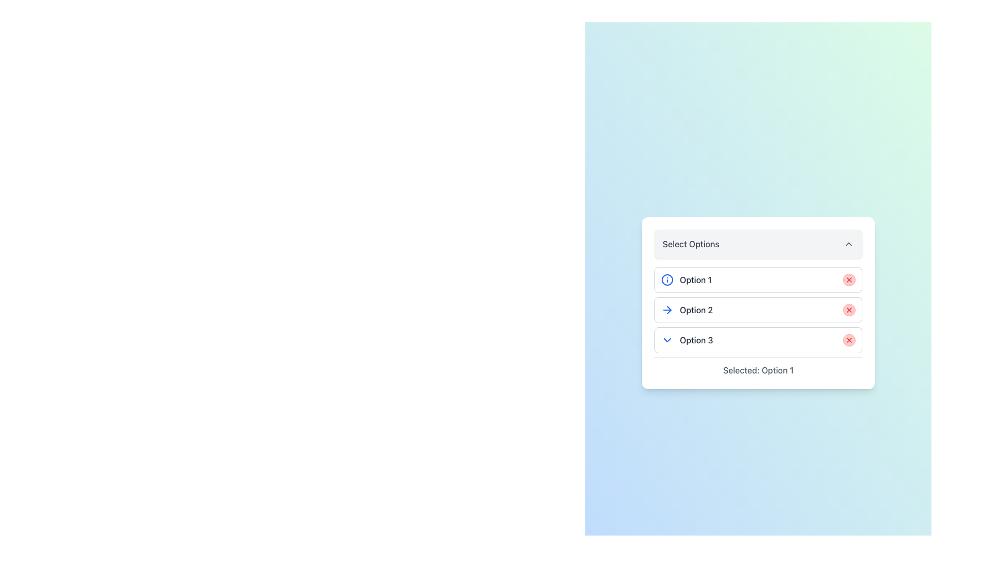  Describe the element at coordinates (696, 340) in the screenshot. I see `text from the text label displaying 'Option 3', which is styled with a medium font weight and gray color, located in the third position within a list of options` at that location.